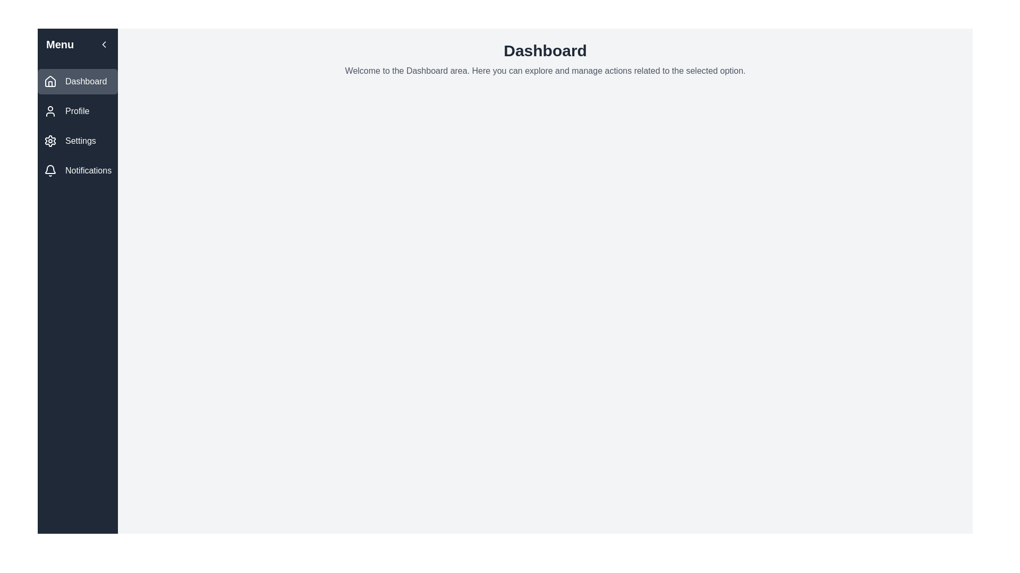 This screenshot has height=573, width=1020. Describe the element at coordinates (76, 111) in the screenshot. I see `the 'Profile' label in the navigation menu, which is the second item below 'Dashboard' and above 'Settings' and 'Notifications'` at that location.